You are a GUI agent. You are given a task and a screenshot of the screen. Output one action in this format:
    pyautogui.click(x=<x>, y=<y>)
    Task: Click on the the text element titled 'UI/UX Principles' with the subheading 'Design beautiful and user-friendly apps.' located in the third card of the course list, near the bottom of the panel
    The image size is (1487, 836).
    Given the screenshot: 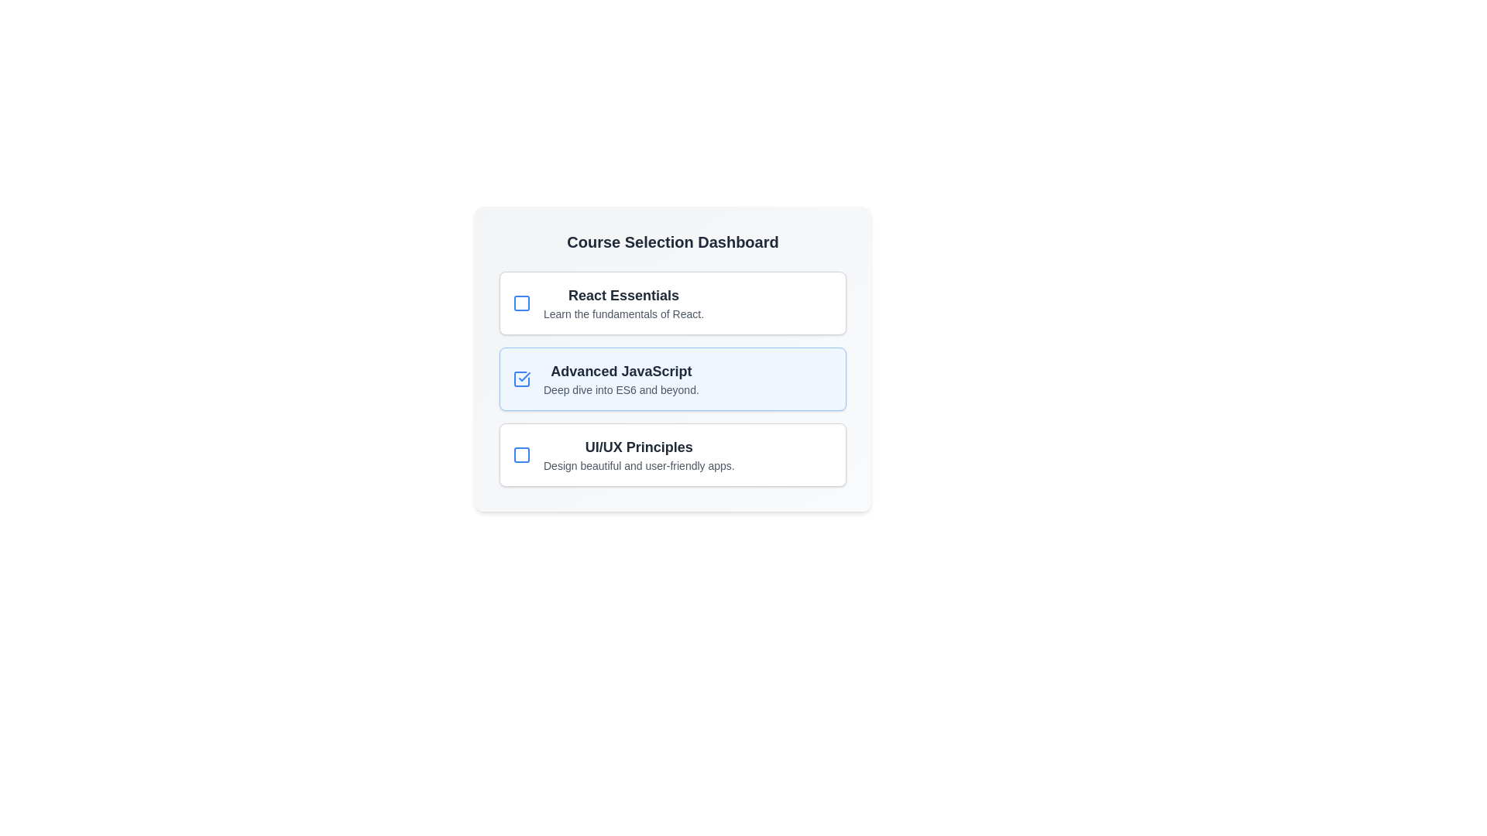 What is the action you would take?
    pyautogui.click(x=639, y=454)
    